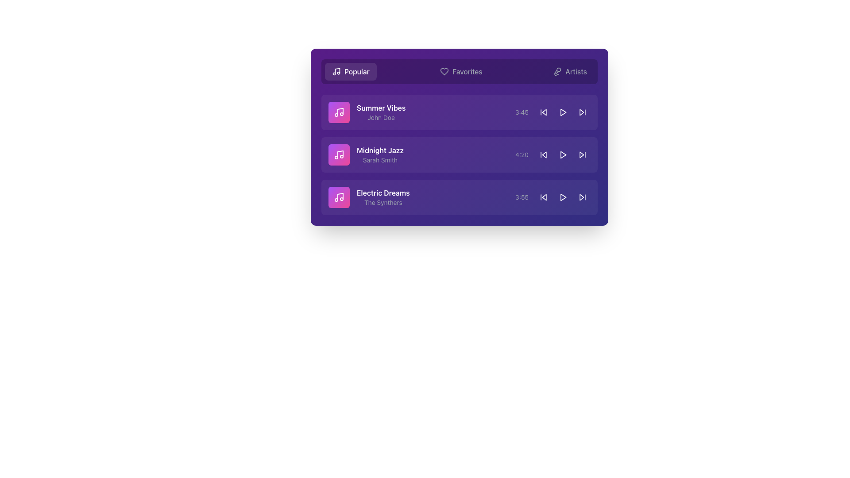  Describe the element at coordinates (339, 197) in the screenshot. I see `the leftmost icon in the row for the song 'Electric Dreams' by 'The Synthers', which is a rounded square button with a gradient background and a white music note icon at its center` at that location.